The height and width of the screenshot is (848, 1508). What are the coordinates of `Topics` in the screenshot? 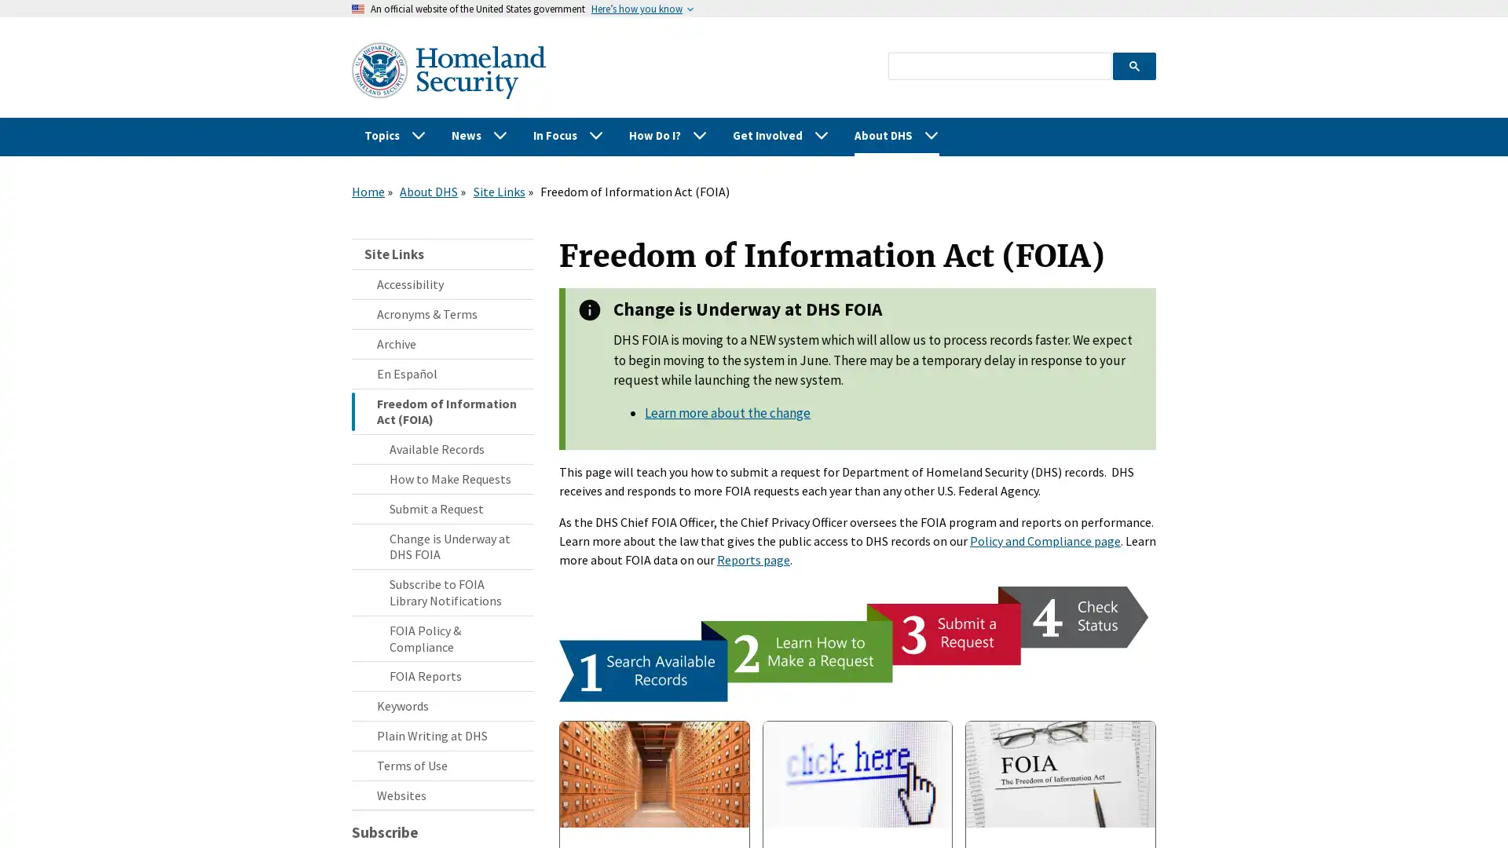 It's located at (395, 134).